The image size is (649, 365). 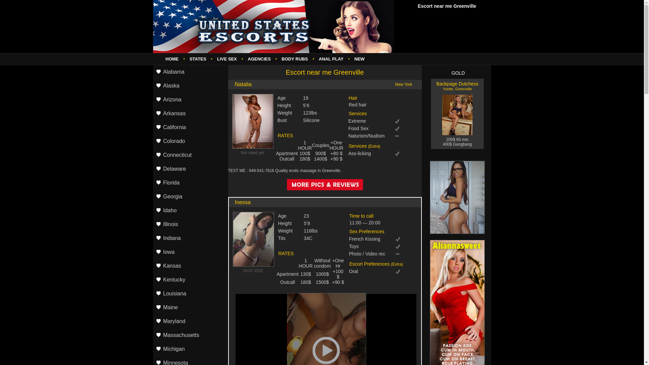 What do you see at coordinates (152, 280) in the screenshot?
I see `'Kentucky'` at bounding box center [152, 280].